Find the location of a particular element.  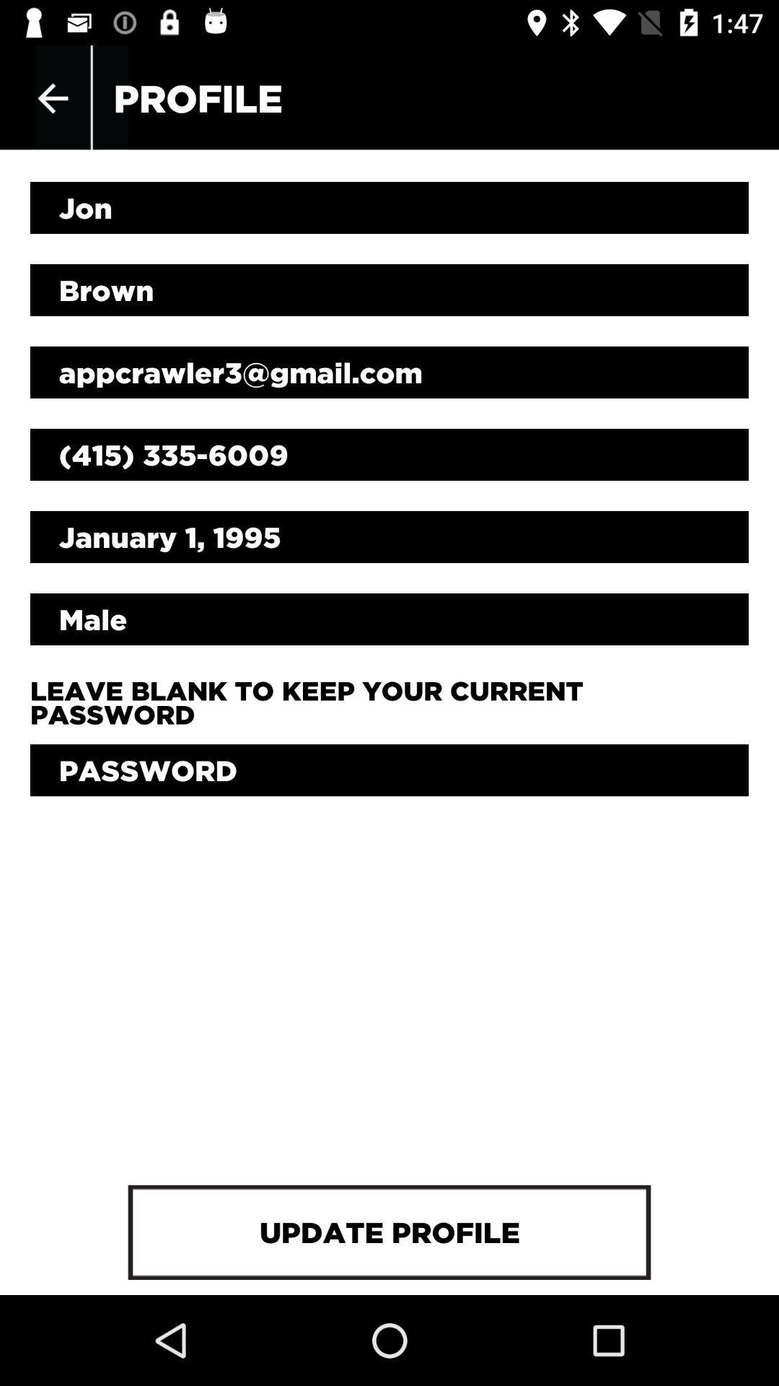

app to the left of the profile is located at coordinates (52, 97).